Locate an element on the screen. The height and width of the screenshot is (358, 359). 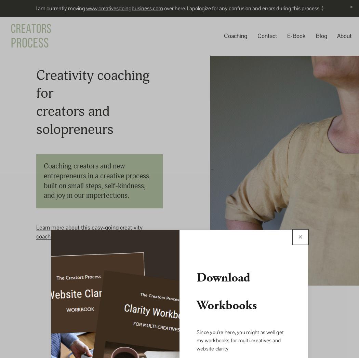
'About' is located at coordinates (344, 36).